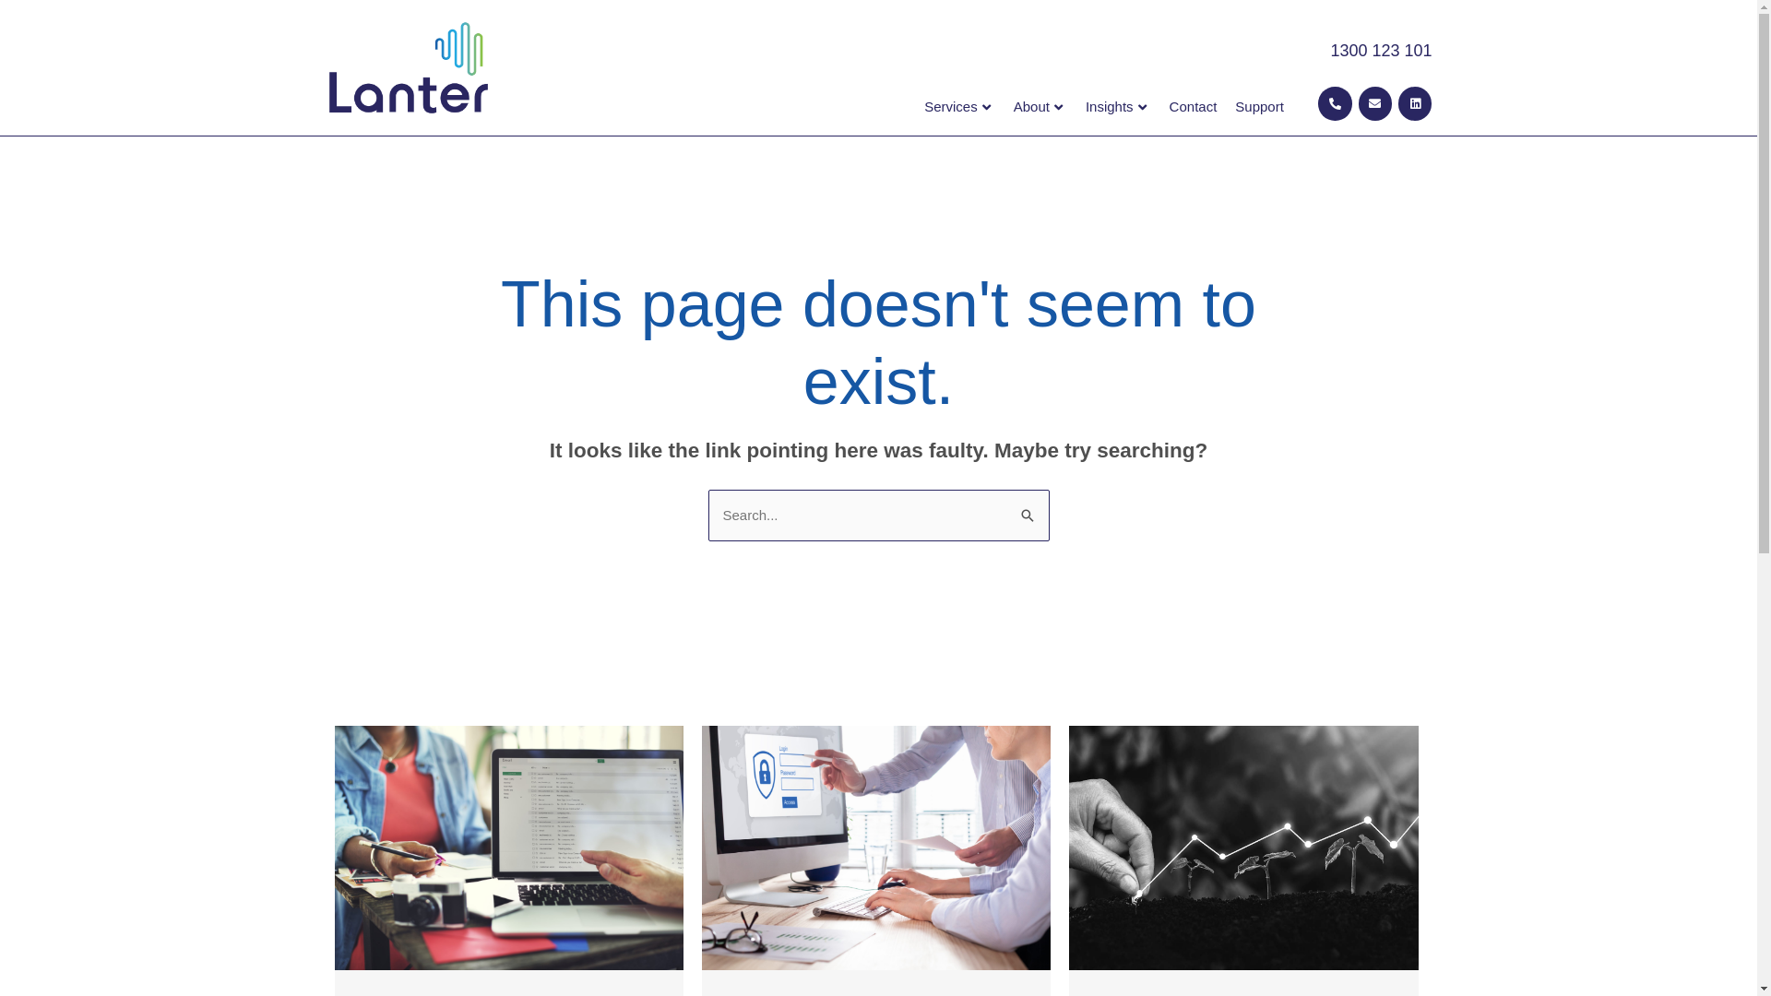 Image resolution: width=1771 pixels, height=996 pixels. Describe the element at coordinates (1381, 49) in the screenshot. I see `'1300 123 101'` at that location.